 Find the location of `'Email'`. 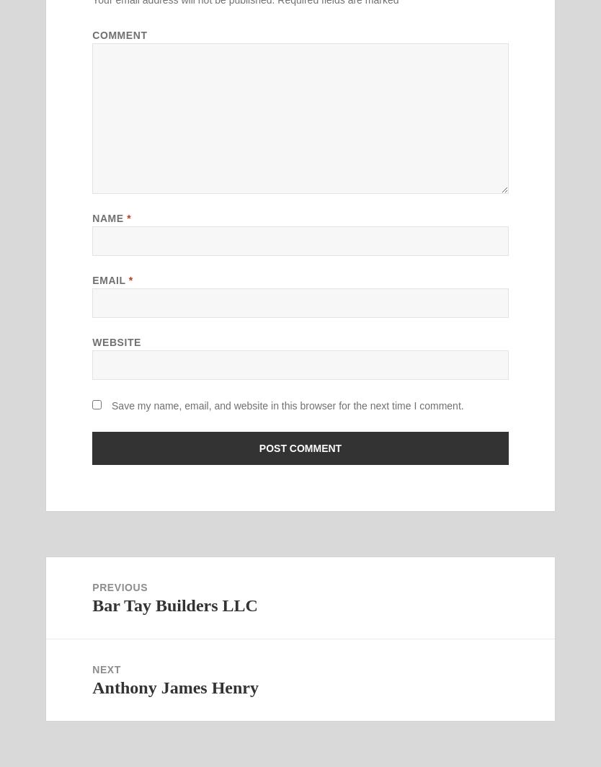

'Email' is located at coordinates (110, 280).